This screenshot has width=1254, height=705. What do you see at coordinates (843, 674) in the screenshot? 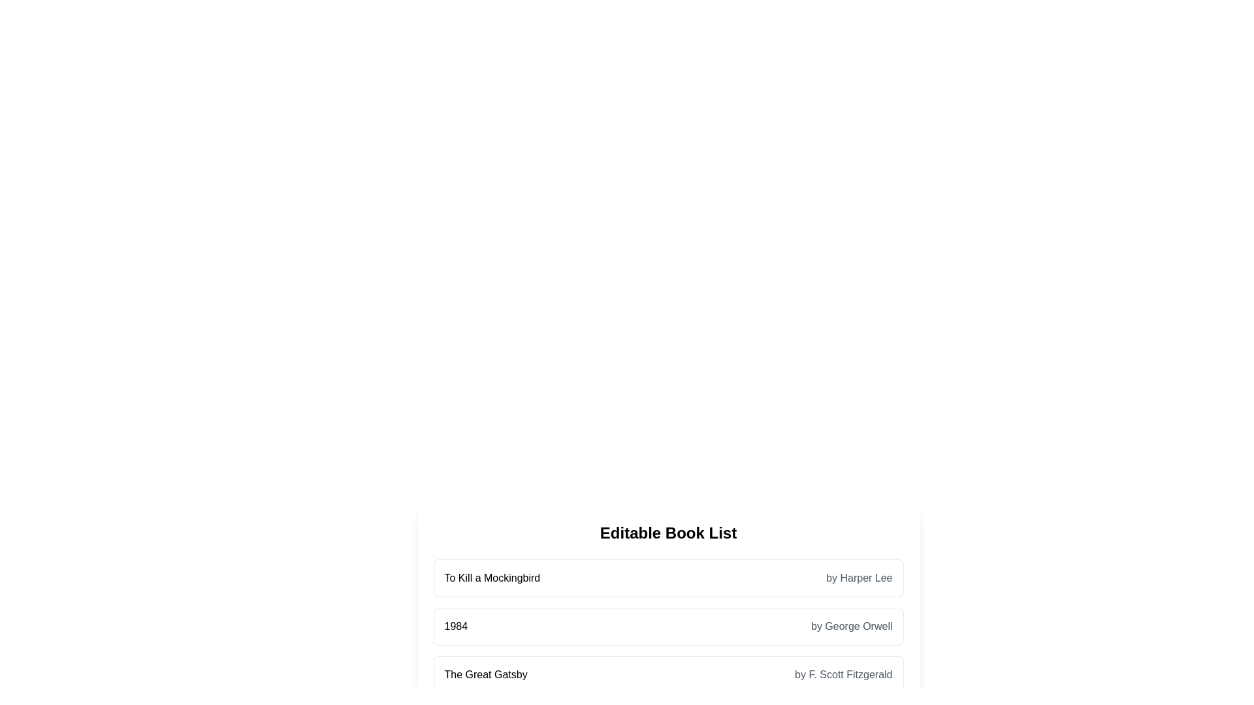
I see `the text label displaying the author's name for the book 'The Great Gatsby', which is part of the third entry in a vertically stacked list of book entries` at bounding box center [843, 674].